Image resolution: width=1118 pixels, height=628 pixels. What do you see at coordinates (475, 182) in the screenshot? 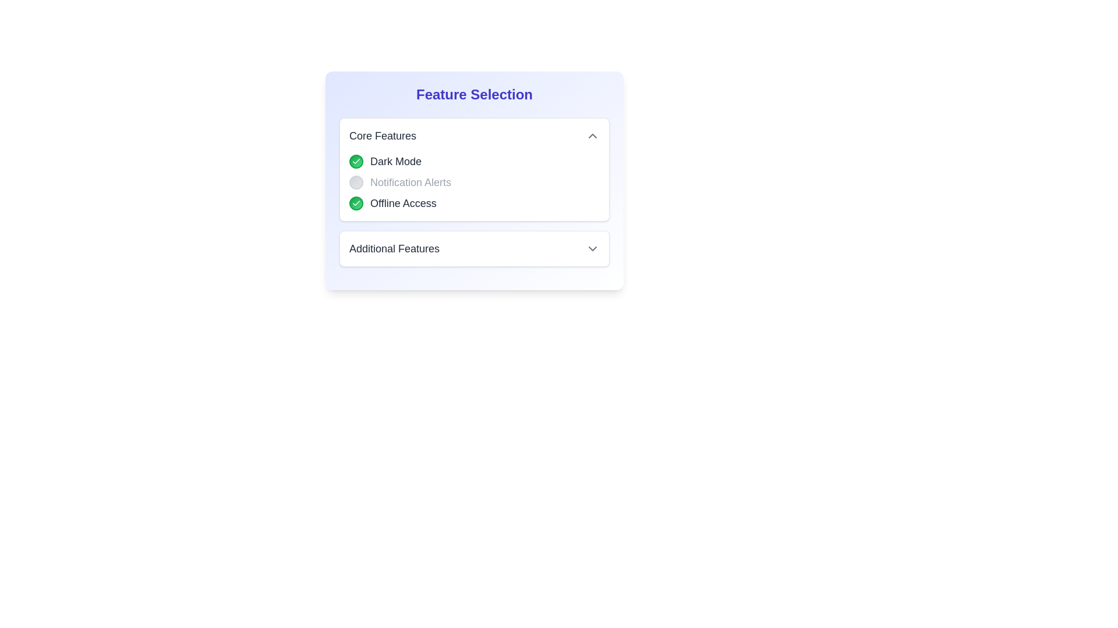
I see `the second item in the feature selection list, which is 'Notification Alerts'` at bounding box center [475, 182].